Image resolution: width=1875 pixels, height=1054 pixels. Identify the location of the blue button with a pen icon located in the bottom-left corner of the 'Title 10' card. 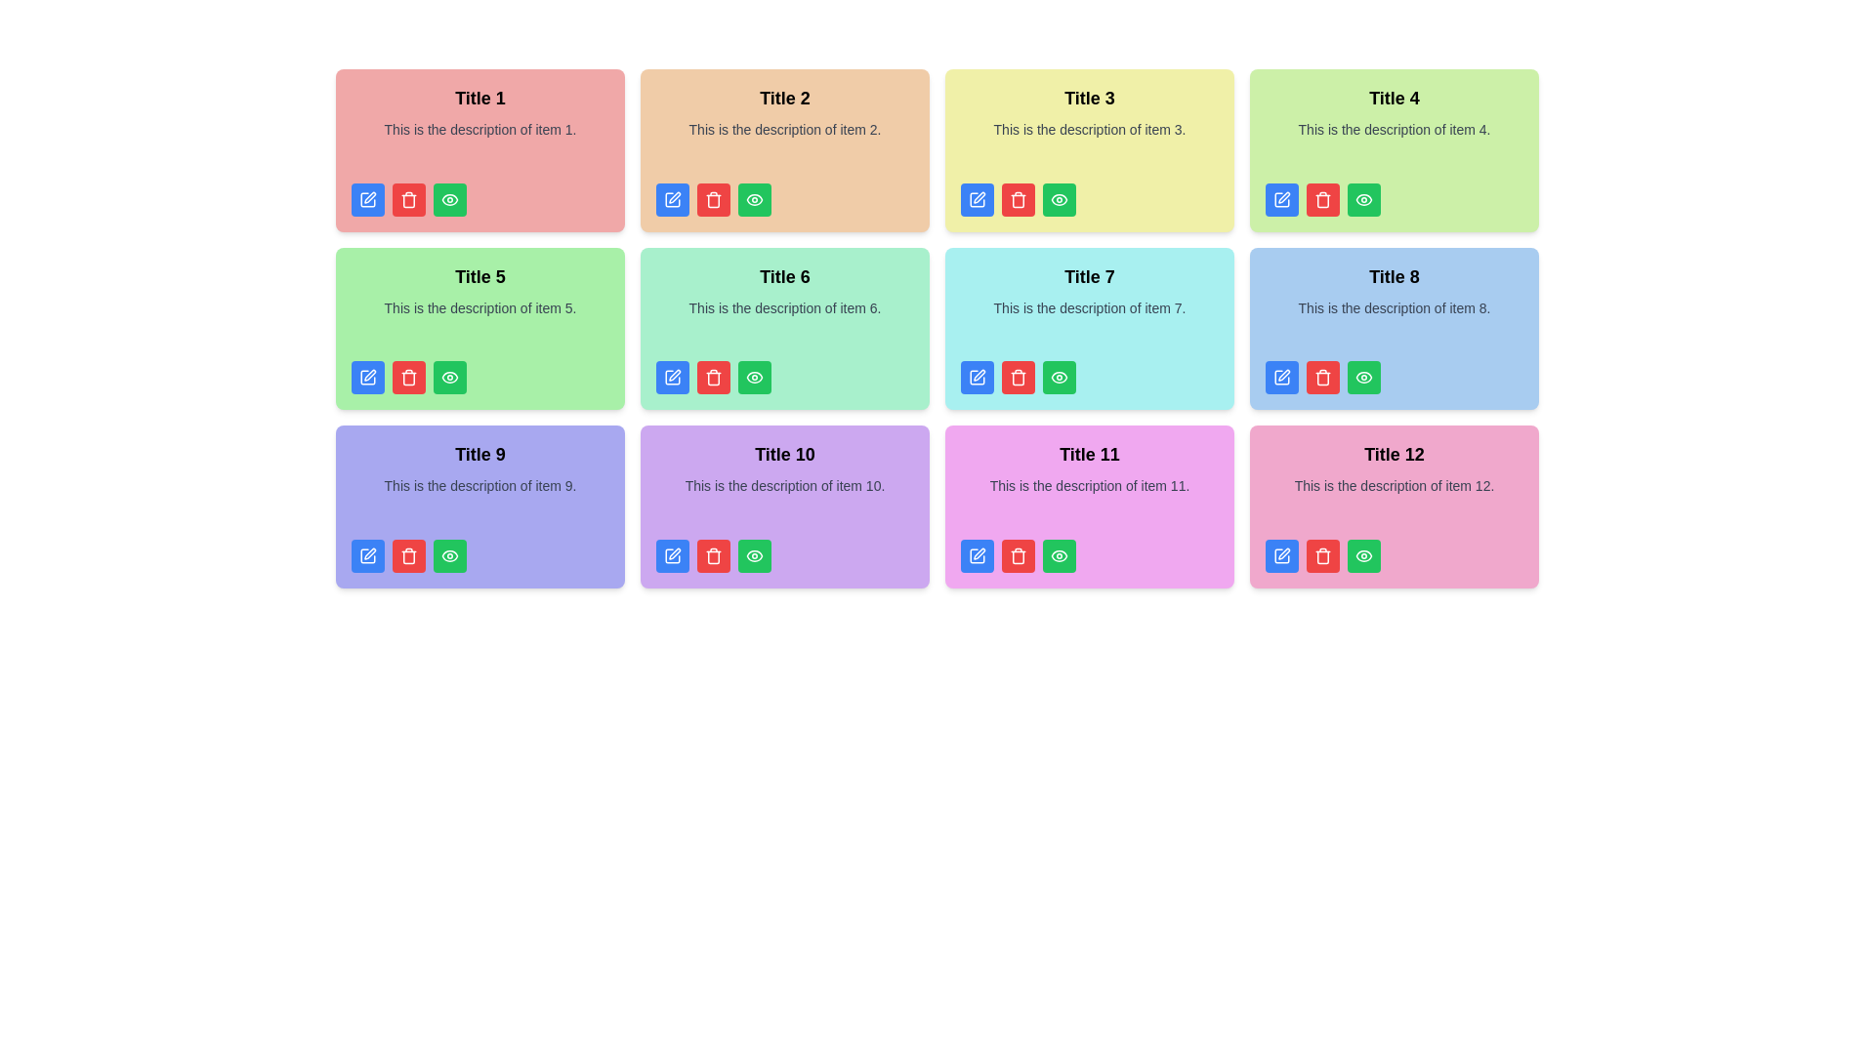
(673, 555).